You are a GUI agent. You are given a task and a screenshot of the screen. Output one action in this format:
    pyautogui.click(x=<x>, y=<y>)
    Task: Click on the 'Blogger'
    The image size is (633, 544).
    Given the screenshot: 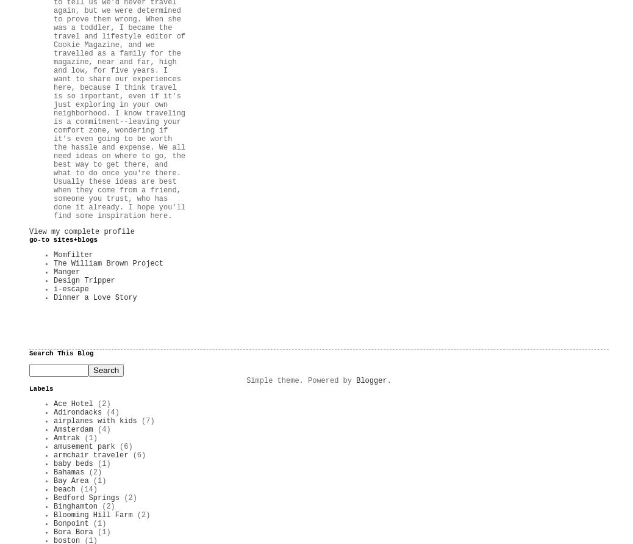 What is the action you would take?
    pyautogui.click(x=370, y=380)
    